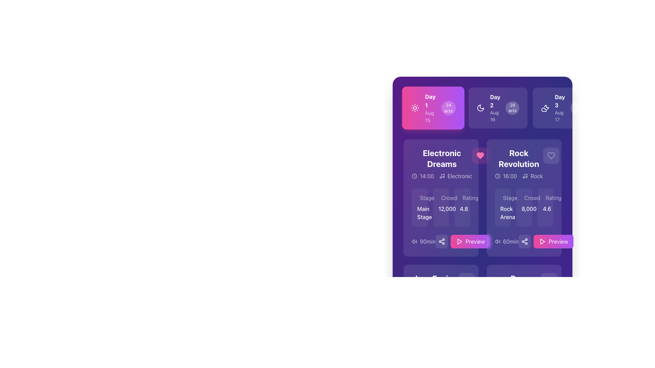 The width and height of the screenshot is (655, 368). Describe the element at coordinates (422, 175) in the screenshot. I see `the text element indicating the scheduled event time for the 'Electronic Dreams' event, which is located inside the card in the top-left quadrant` at that location.